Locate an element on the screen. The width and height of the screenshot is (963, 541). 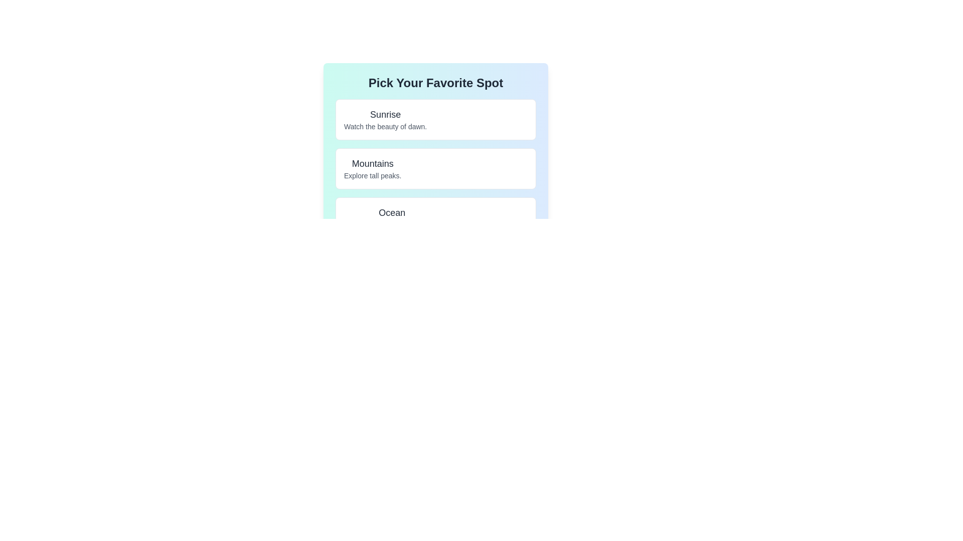
the static text element reading 'Explore tall peaks.' which is styled in gray and located below the heading 'Mountains' is located at coordinates (372, 175).